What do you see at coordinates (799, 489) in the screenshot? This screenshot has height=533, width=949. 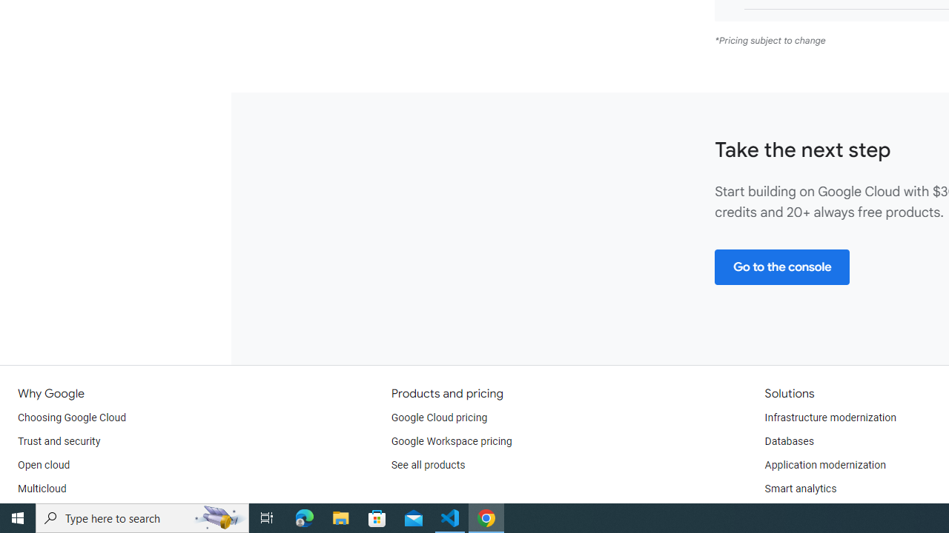 I see `'Smart analytics'` at bounding box center [799, 489].